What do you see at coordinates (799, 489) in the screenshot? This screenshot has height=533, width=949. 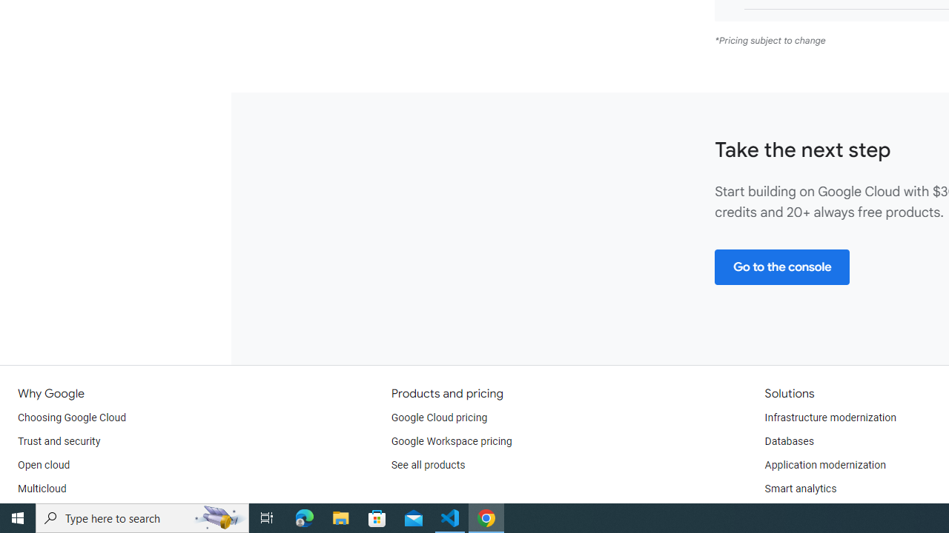 I see `'Smart analytics'` at bounding box center [799, 489].